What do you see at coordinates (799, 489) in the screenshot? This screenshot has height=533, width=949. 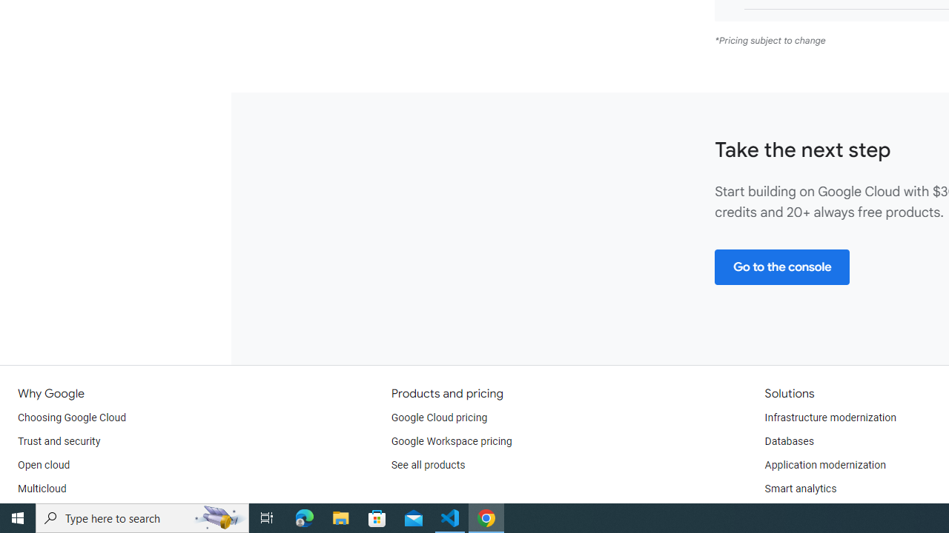 I see `'Smart analytics'` at bounding box center [799, 489].